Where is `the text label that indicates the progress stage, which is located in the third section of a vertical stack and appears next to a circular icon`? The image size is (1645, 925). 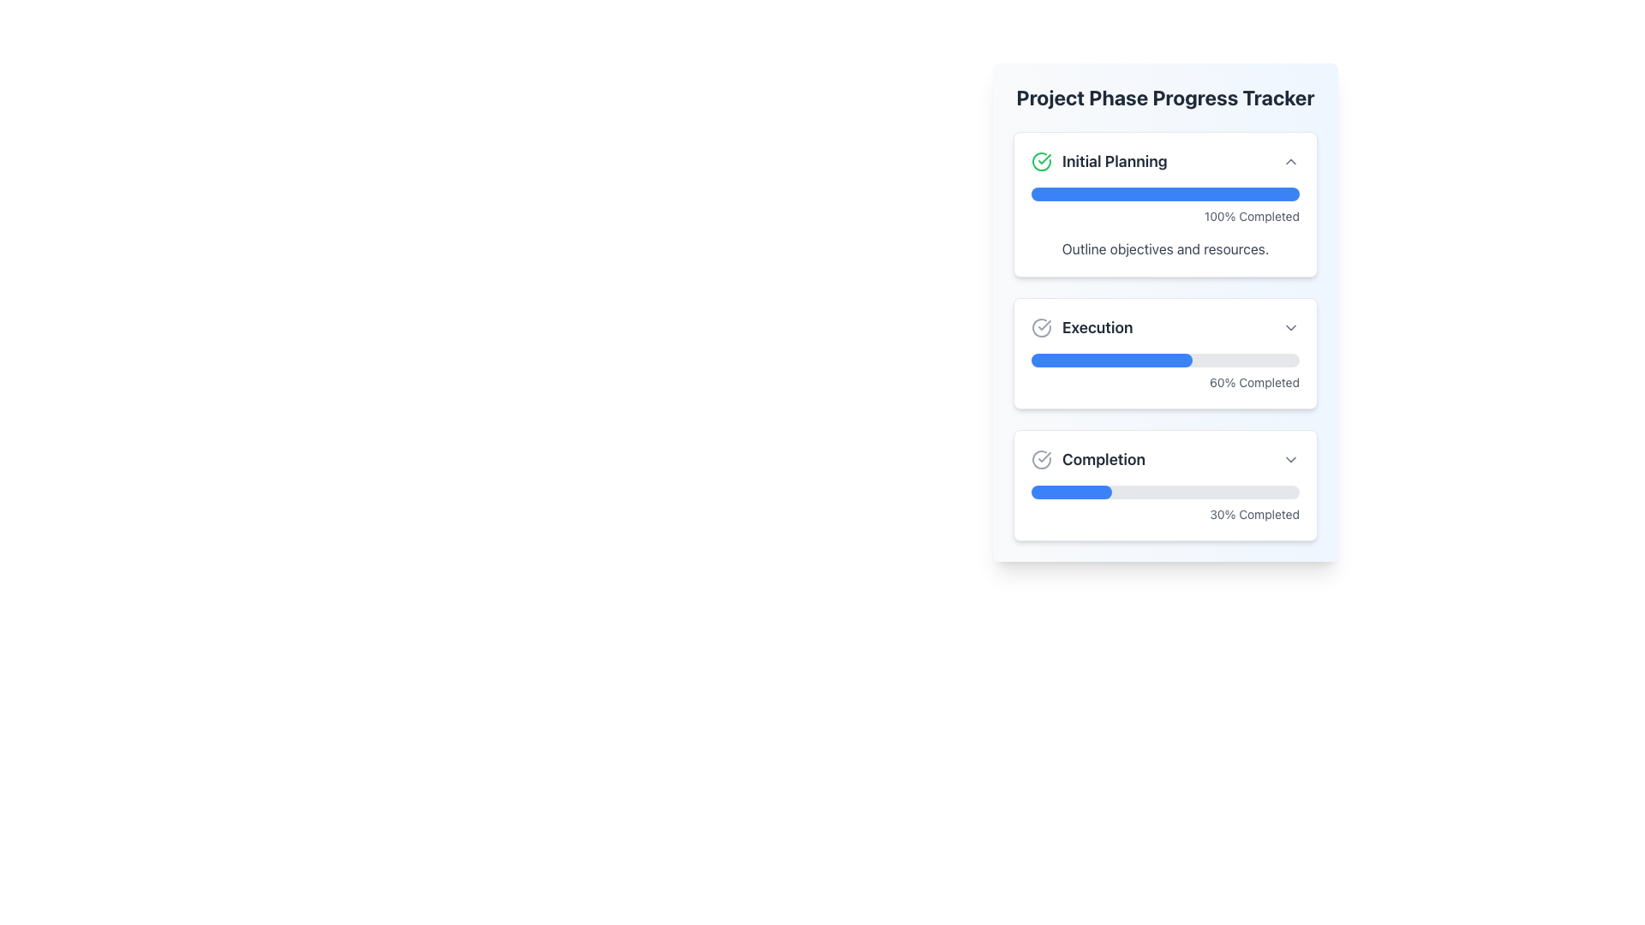
the text label that indicates the progress stage, which is located in the third section of a vertical stack and appears next to a circular icon is located at coordinates (1104, 458).